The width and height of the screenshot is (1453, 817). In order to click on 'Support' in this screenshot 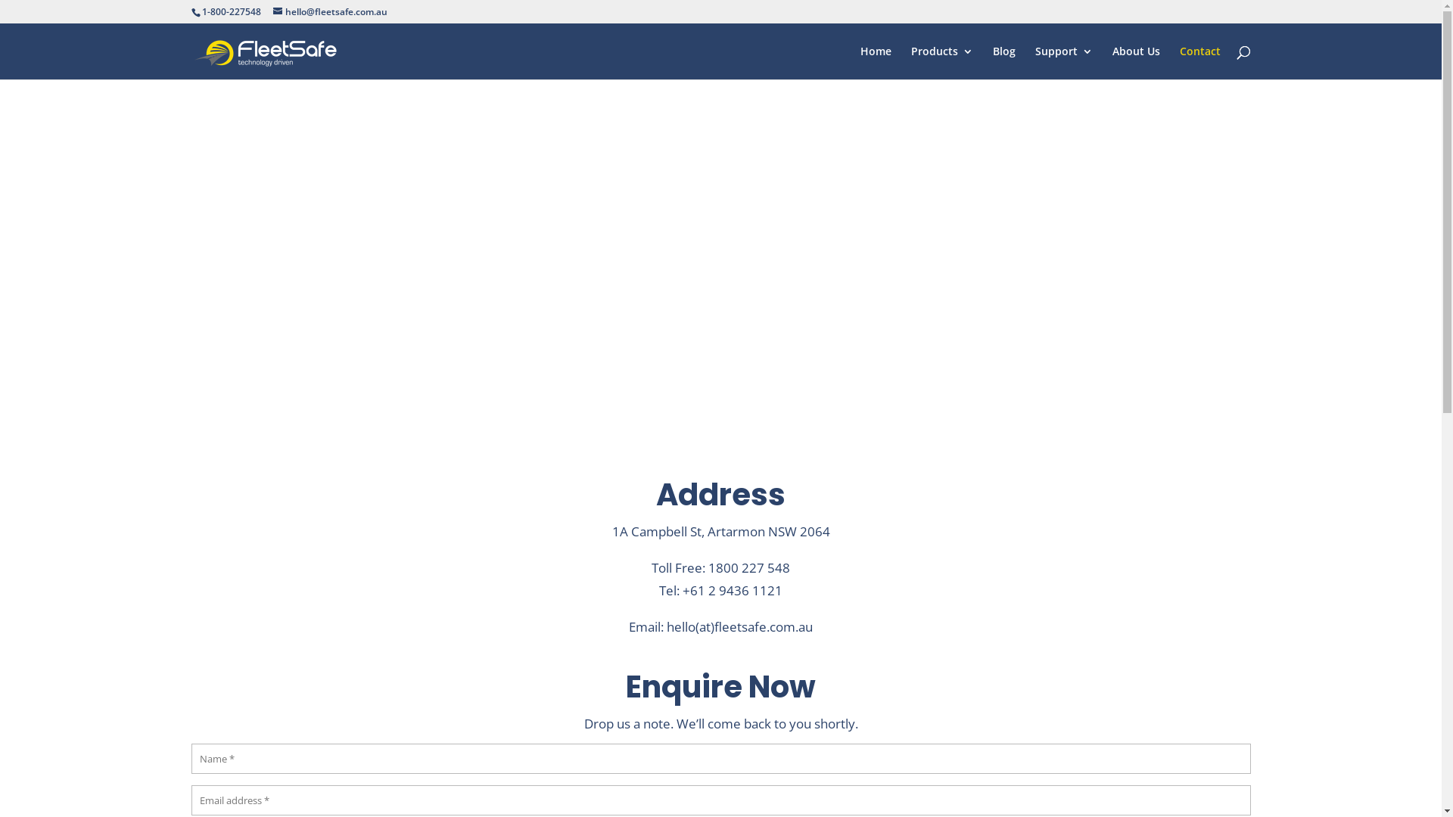, I will do `click(1063, 62)`.